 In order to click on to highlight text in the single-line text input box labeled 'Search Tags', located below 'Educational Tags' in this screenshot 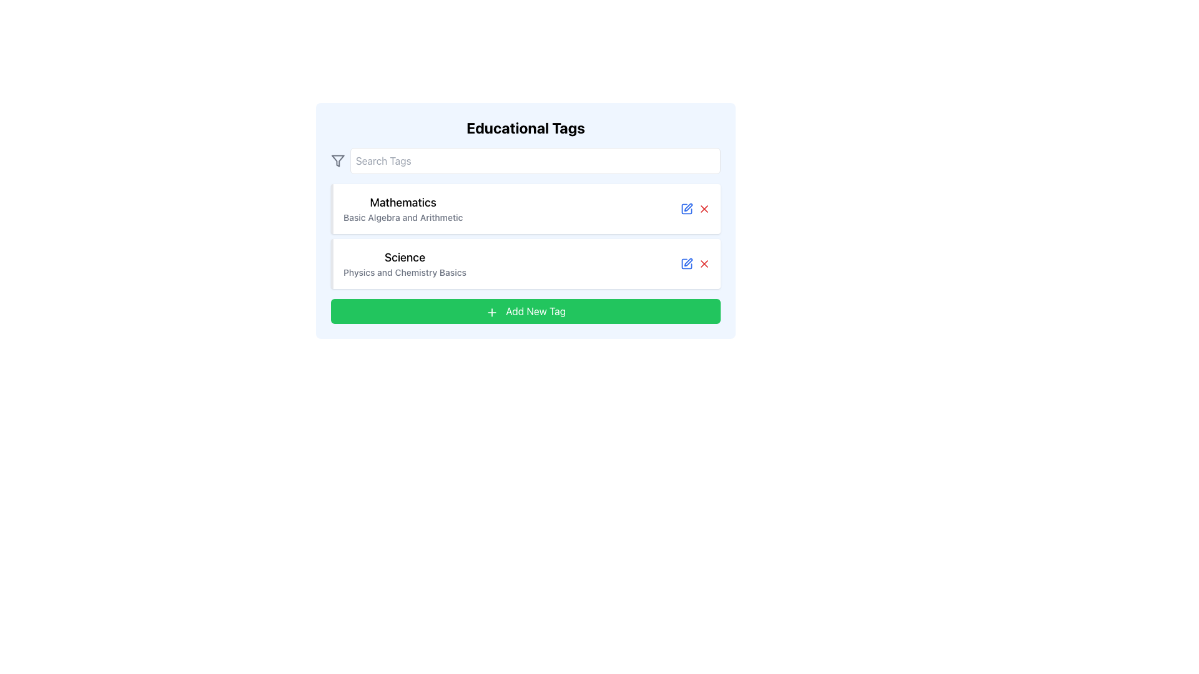, I will do `click(535, 160)`.